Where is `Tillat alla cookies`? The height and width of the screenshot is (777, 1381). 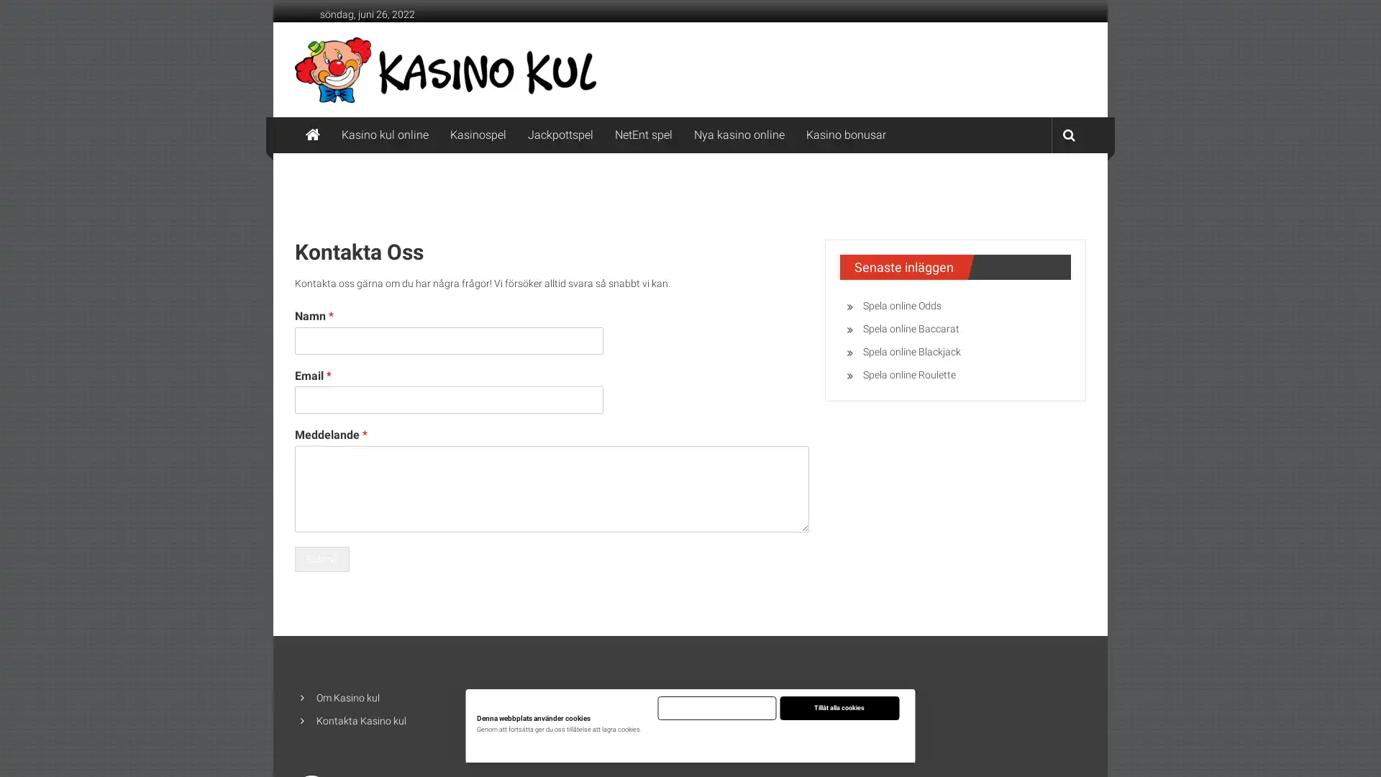
Tillat alla cookies is located at coordinates (839, 707).